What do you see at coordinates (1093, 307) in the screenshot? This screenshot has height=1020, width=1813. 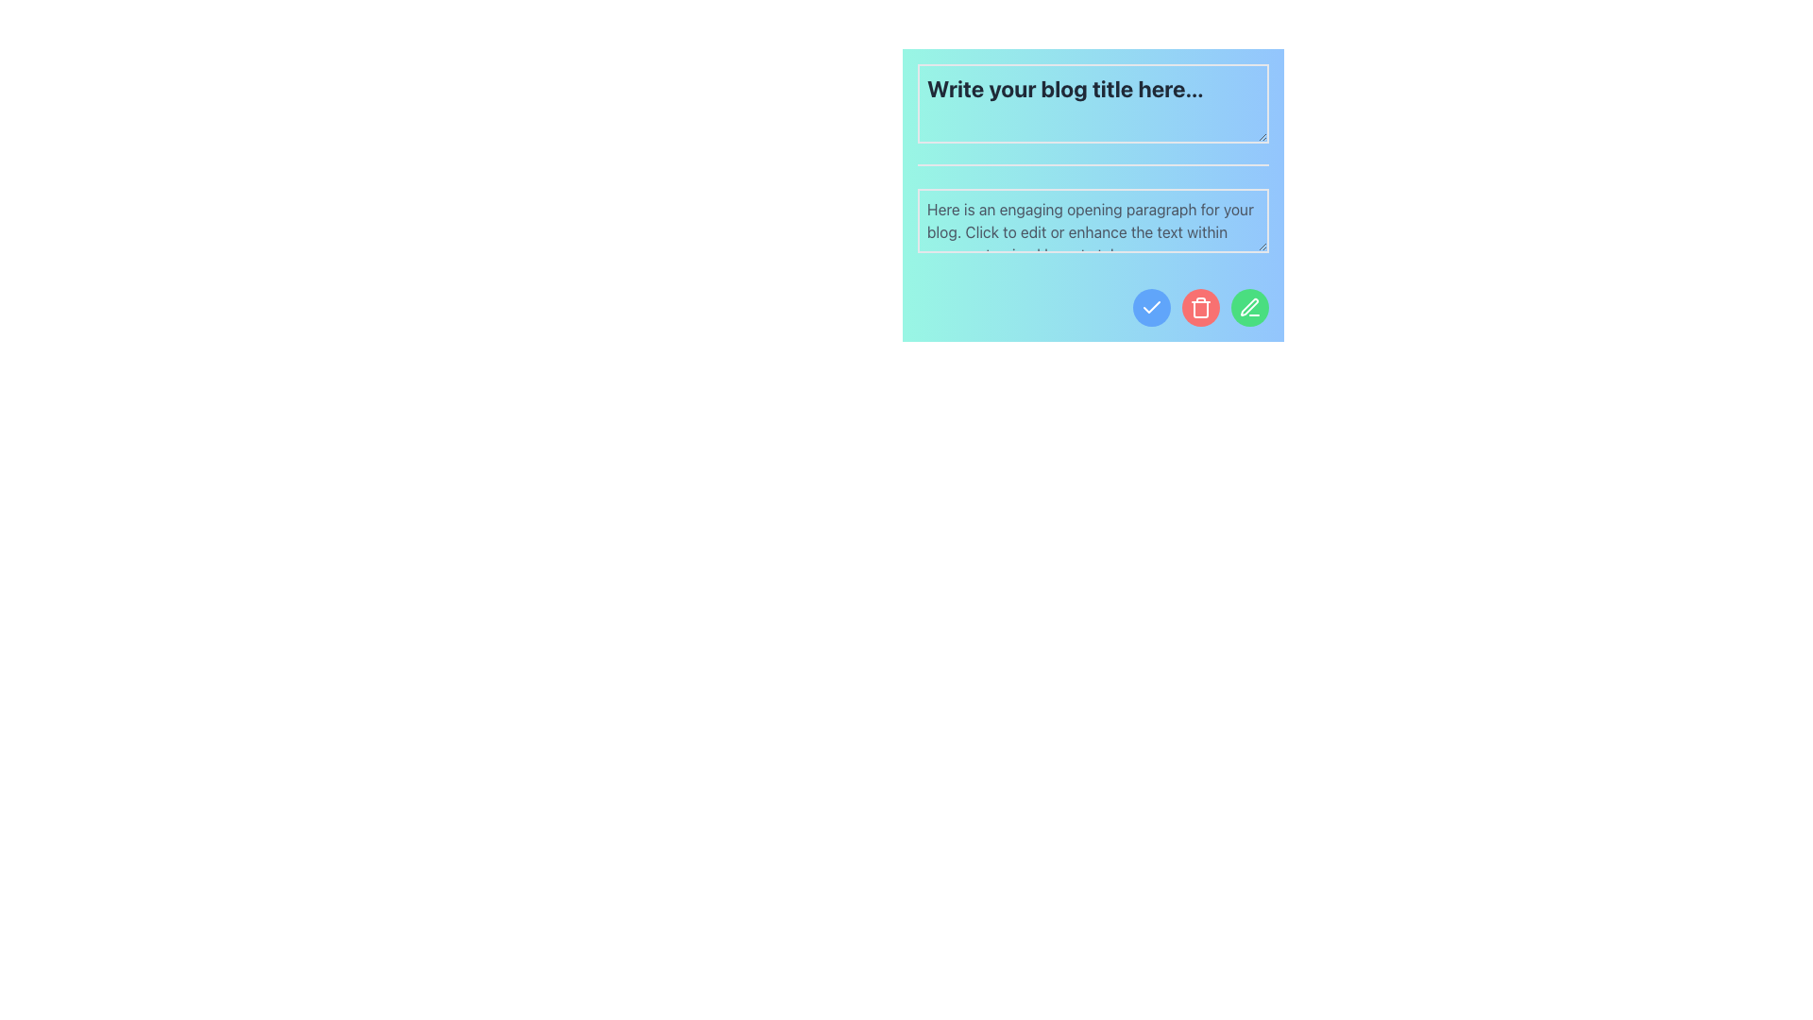 I see `the blue checkmark button in the interactive button group to confirm an action` at bounding box center [1093, 307].